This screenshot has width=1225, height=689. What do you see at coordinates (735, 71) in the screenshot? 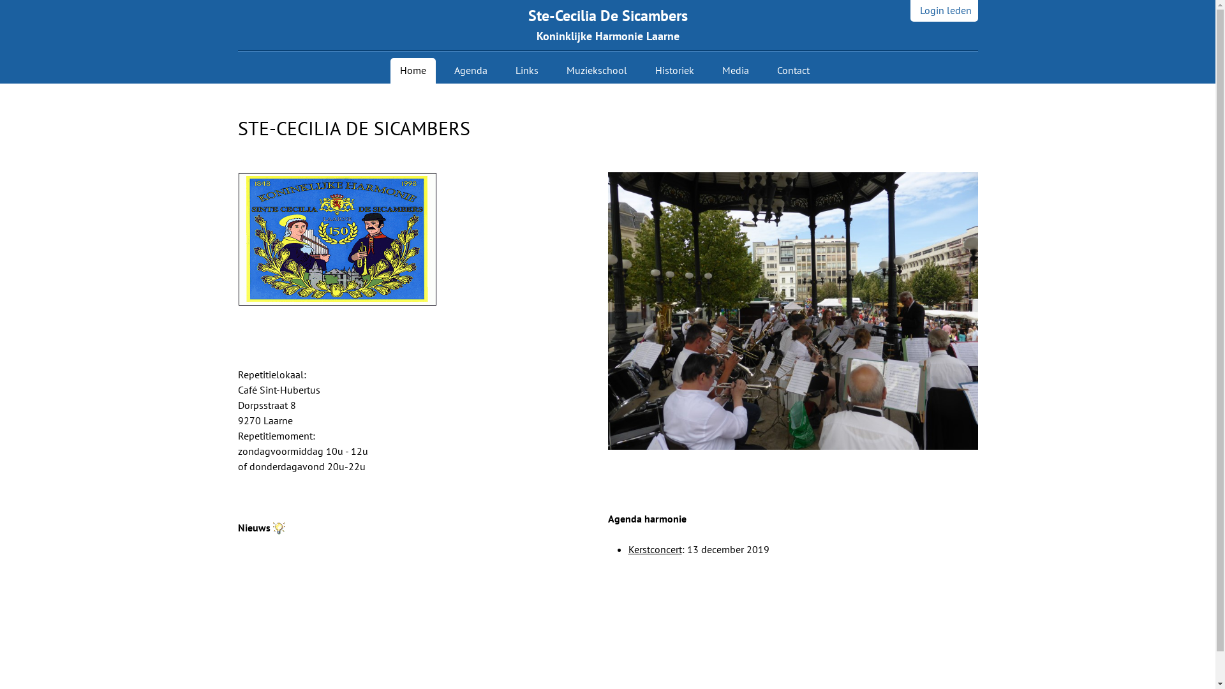
I see `'Media'` at bounding box center [735, 71].